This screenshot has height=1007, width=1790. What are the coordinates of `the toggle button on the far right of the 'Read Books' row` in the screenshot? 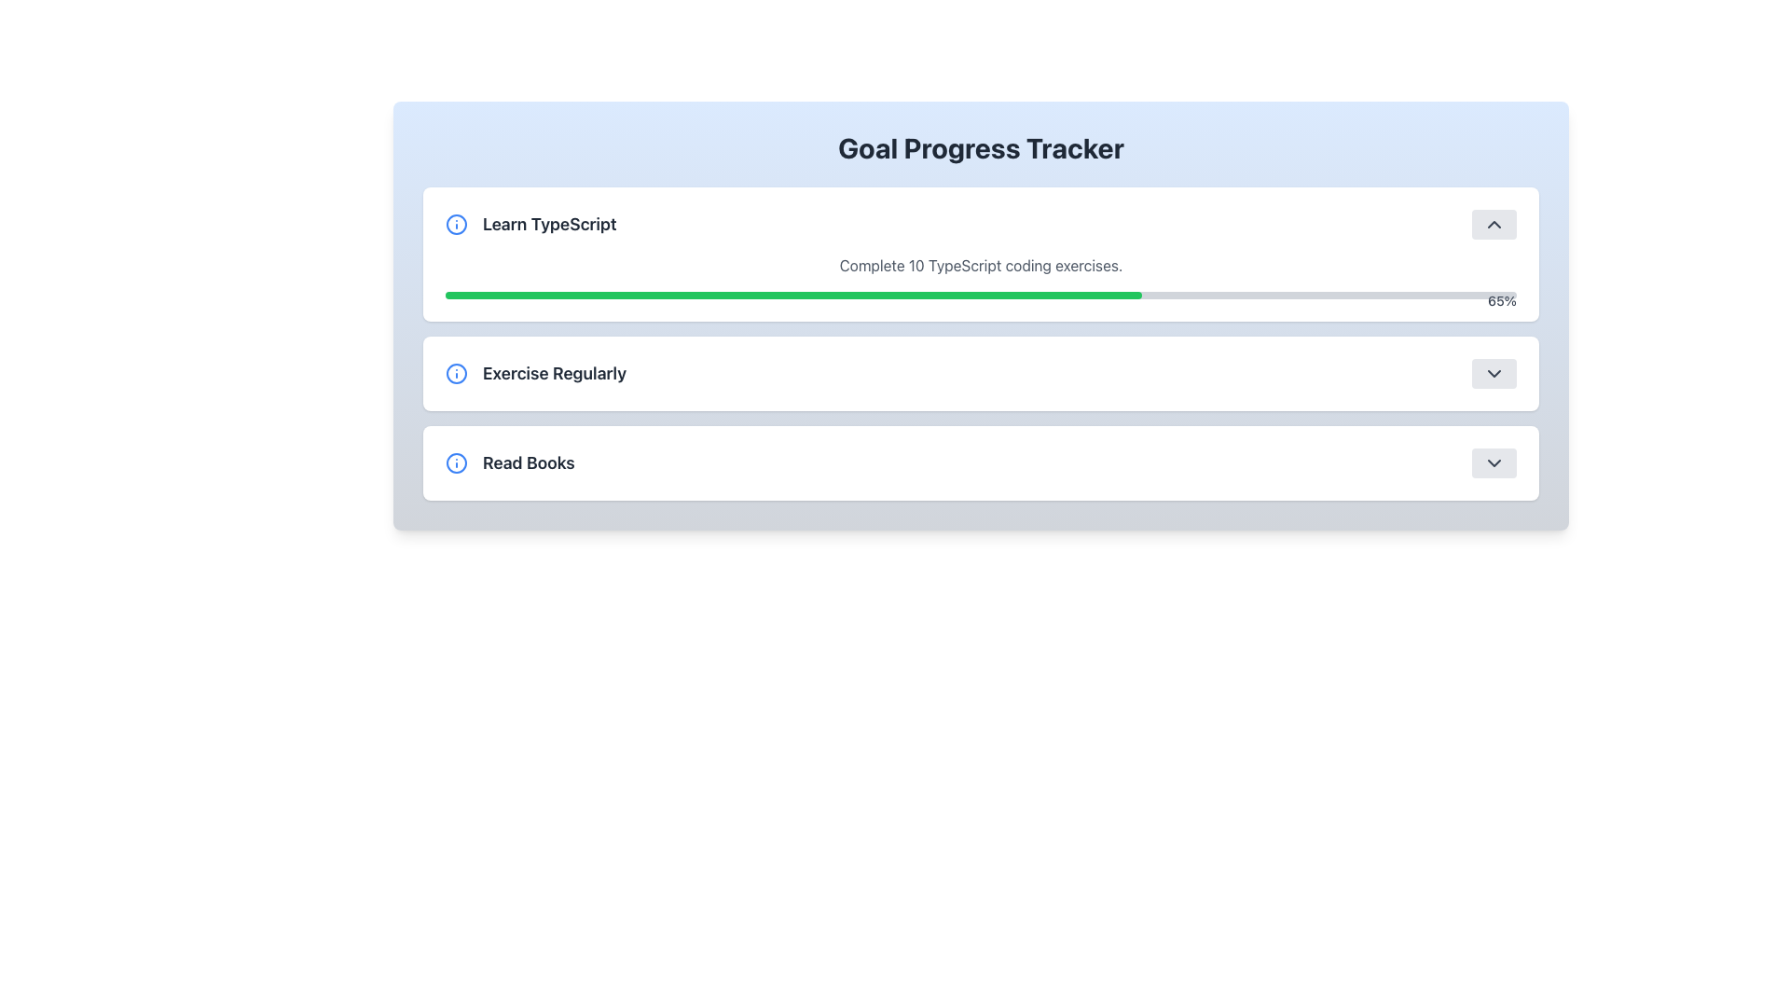 It's located at (1494, 462).